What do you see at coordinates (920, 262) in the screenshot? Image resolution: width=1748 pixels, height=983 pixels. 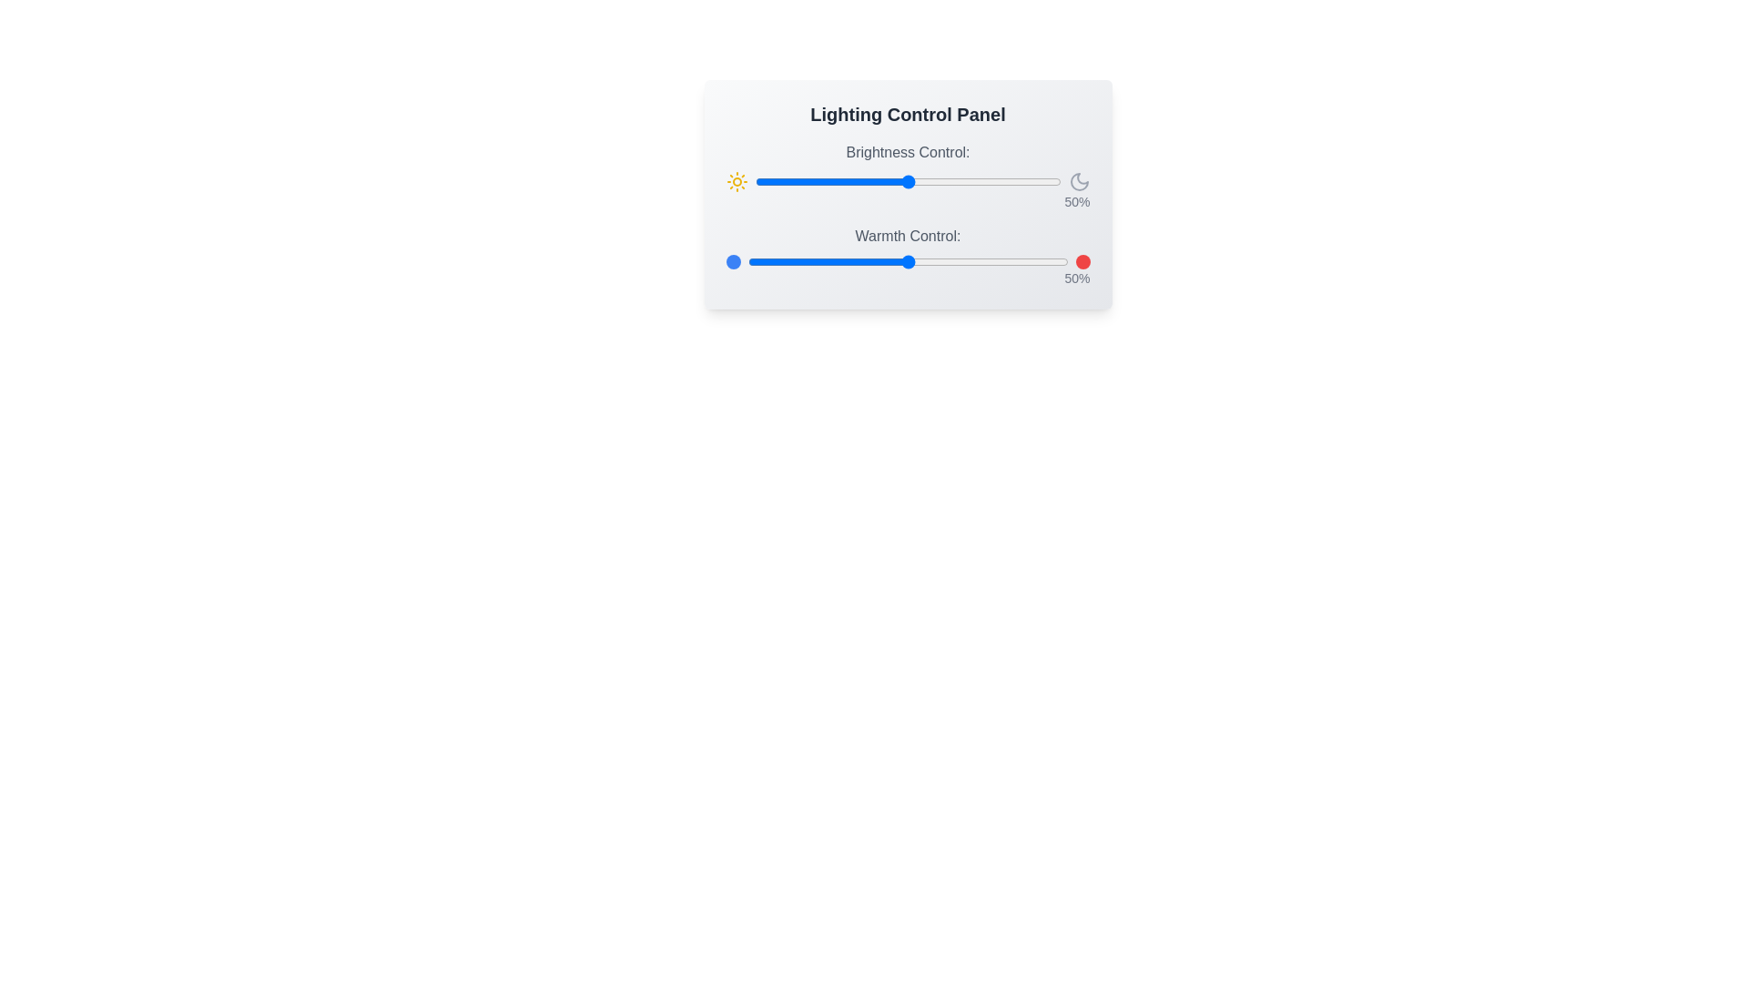 I see `warmth level` at bounding box center [920, 262].